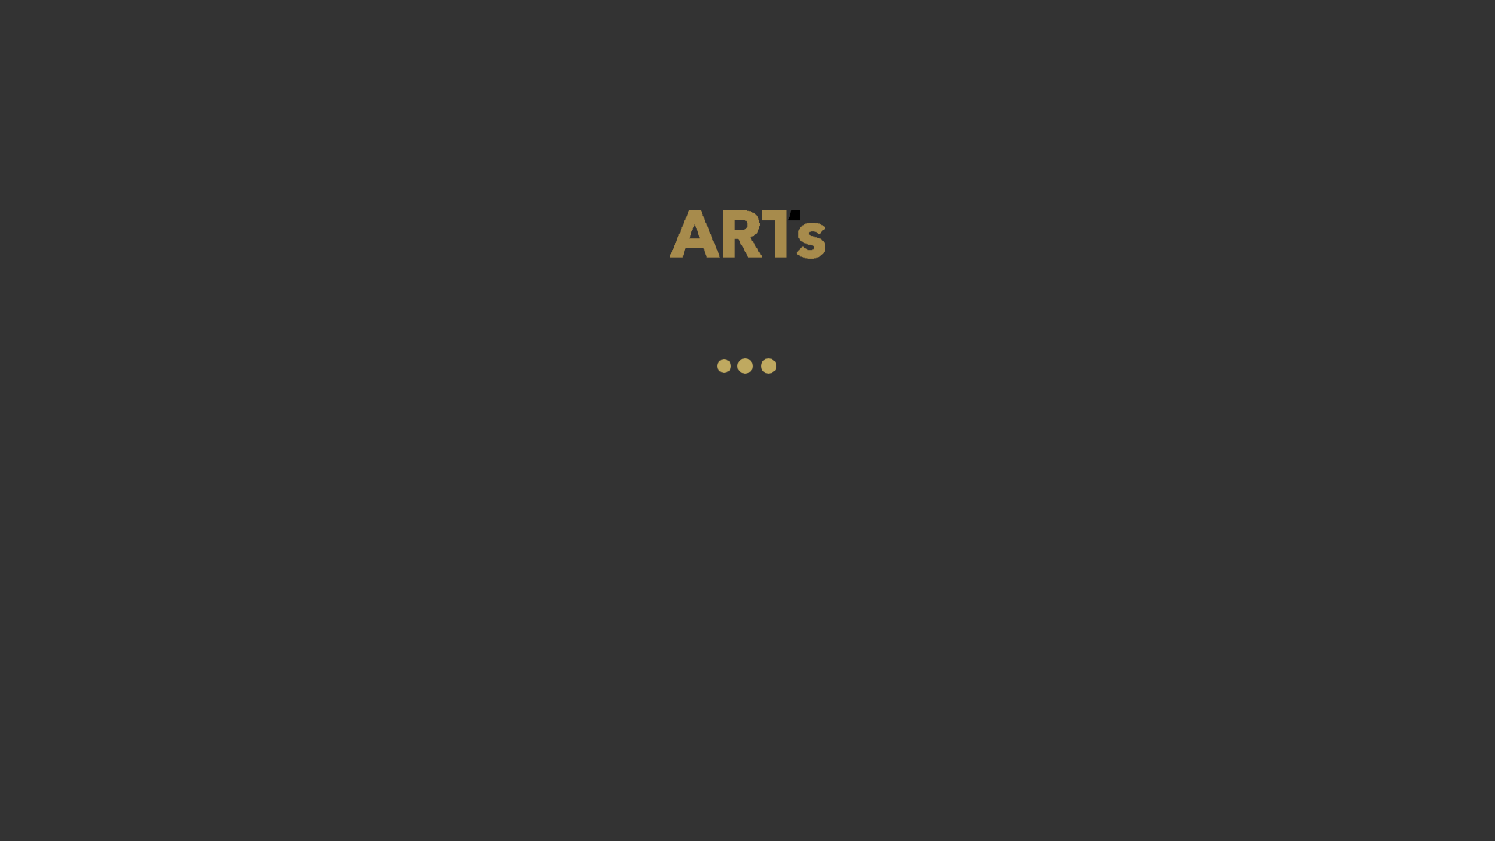 The image size is (1495, 841). I want to click on 'Angebote', so click(657, 37).